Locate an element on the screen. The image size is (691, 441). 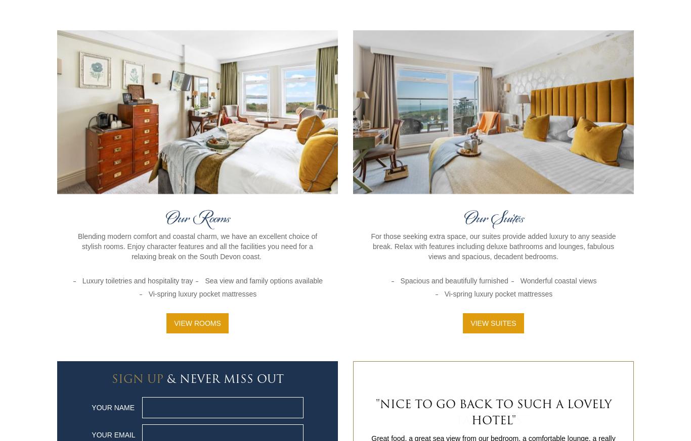
'For those seeking extra space, our suites provide added luxury to any seaside break. Relax with features including deluxe bathrooms and lounges, fabulous views and spacious, decadent bedrooms.' is located at coordinates (493, 246).